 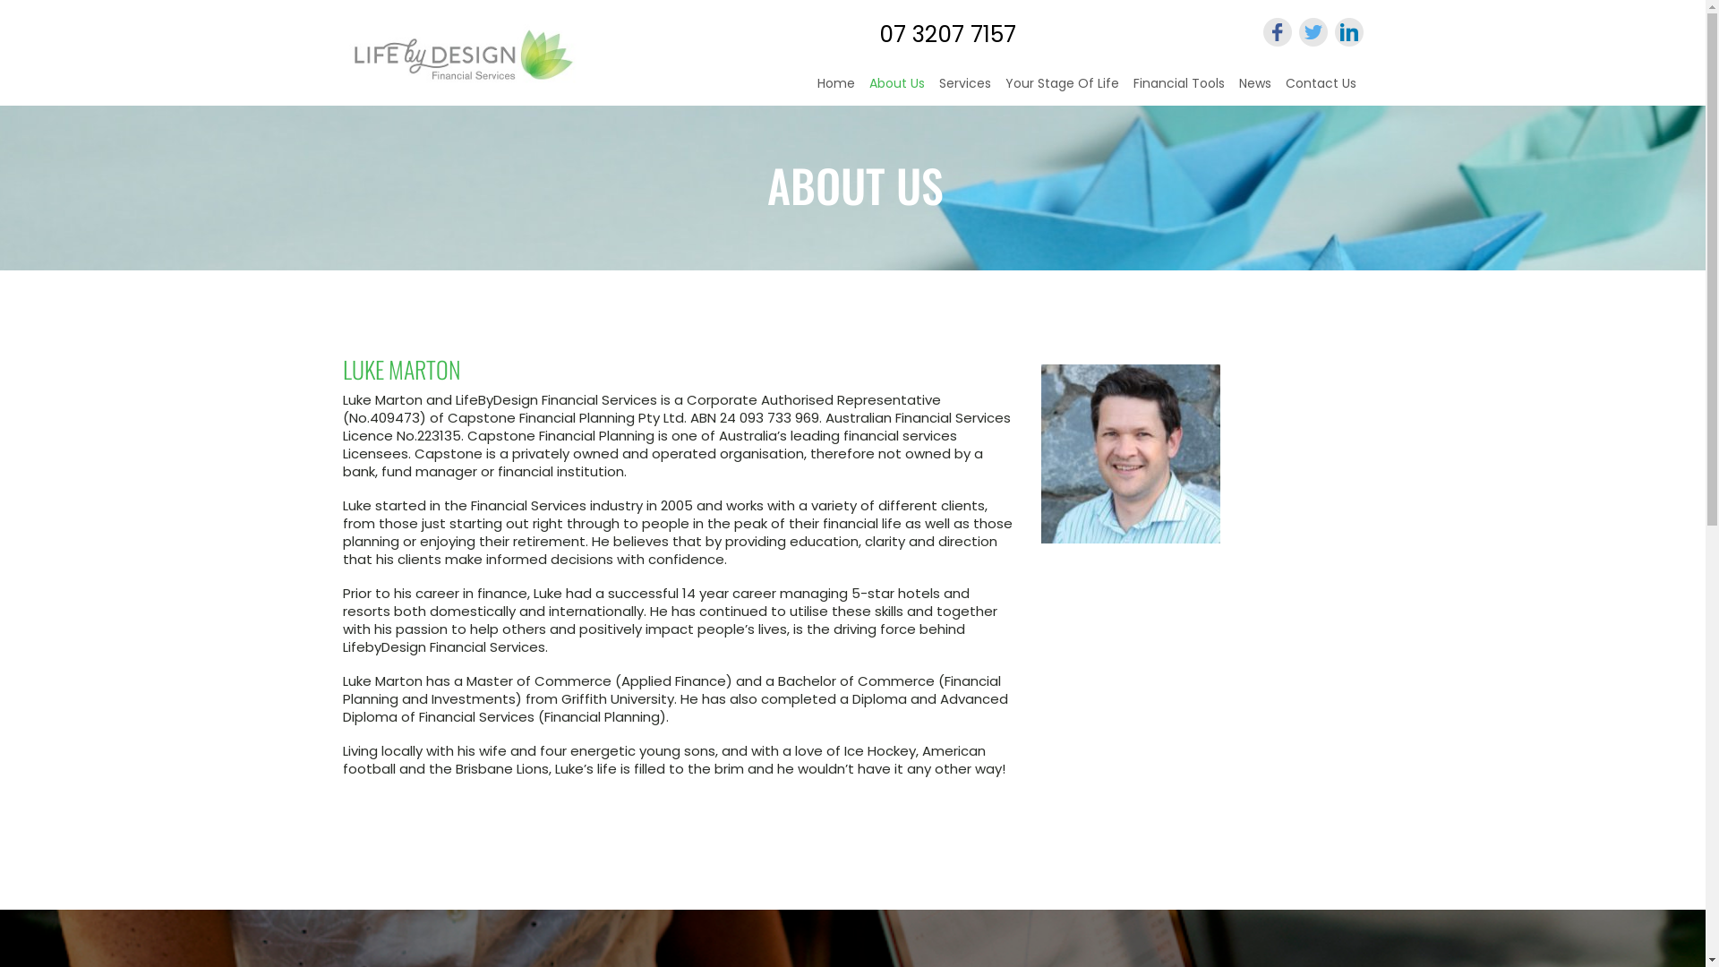 I want to click on 'Home', so click(x=808, y=79).